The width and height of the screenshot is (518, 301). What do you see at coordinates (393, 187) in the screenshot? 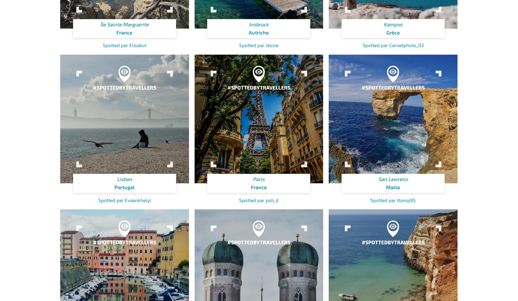
I see `'Malta'` at bounding box center [393, 187].